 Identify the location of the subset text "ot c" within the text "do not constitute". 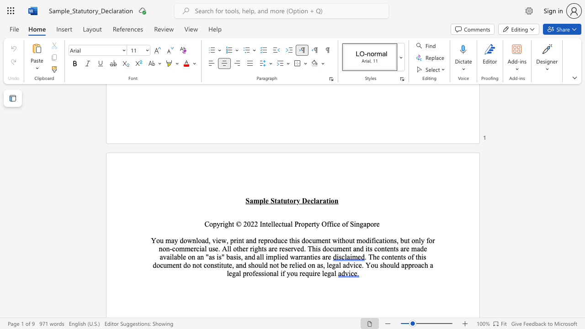
(196, 265).